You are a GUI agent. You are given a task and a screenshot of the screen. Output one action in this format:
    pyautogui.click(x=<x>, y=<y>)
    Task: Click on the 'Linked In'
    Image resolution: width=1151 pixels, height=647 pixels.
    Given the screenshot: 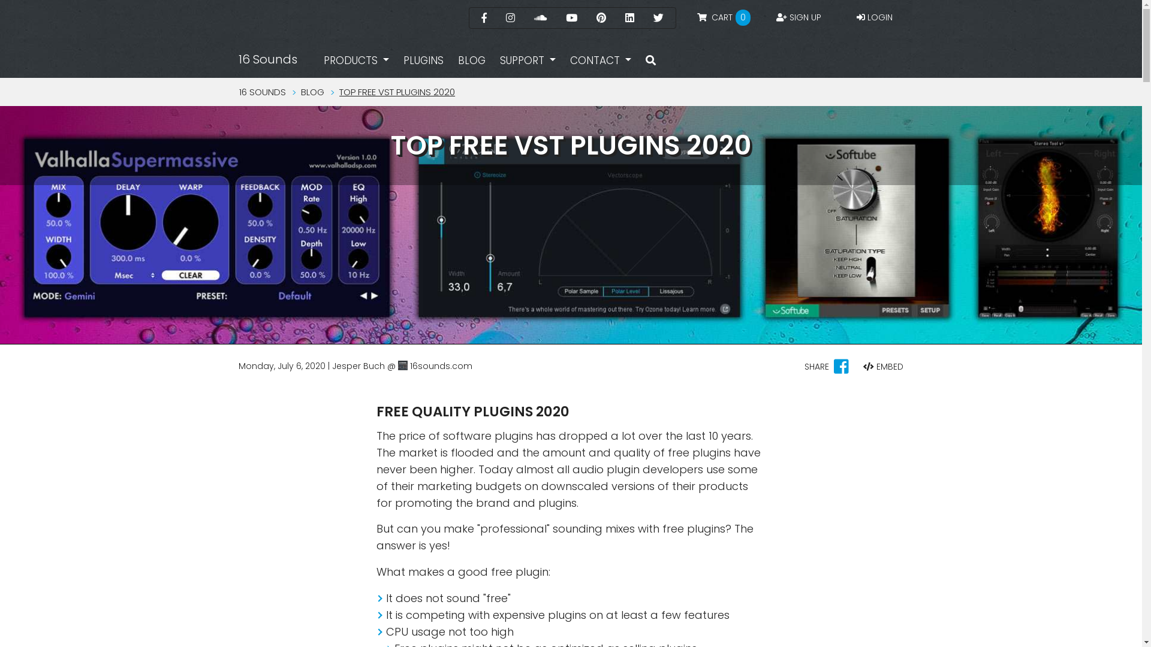 What is the action you would take?
    pyautogui.click(x=628, y=18)
    